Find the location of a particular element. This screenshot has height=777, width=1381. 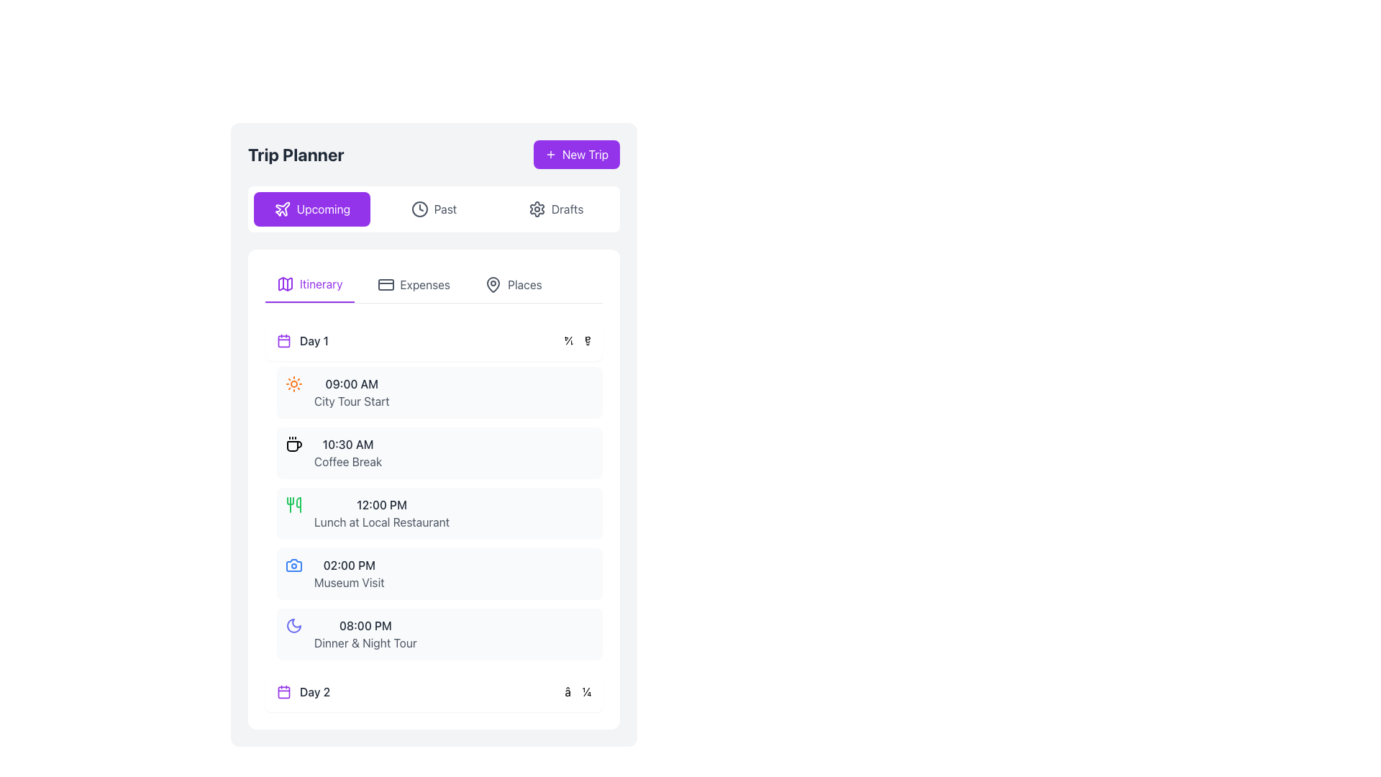

the text label displaying '09:00 AM' above 'City Tour Start', which is styled with bold dark gray font and lighter gray for the event description, located in the itinerary section under 'Day 1' is located at coordinates (352, 393).